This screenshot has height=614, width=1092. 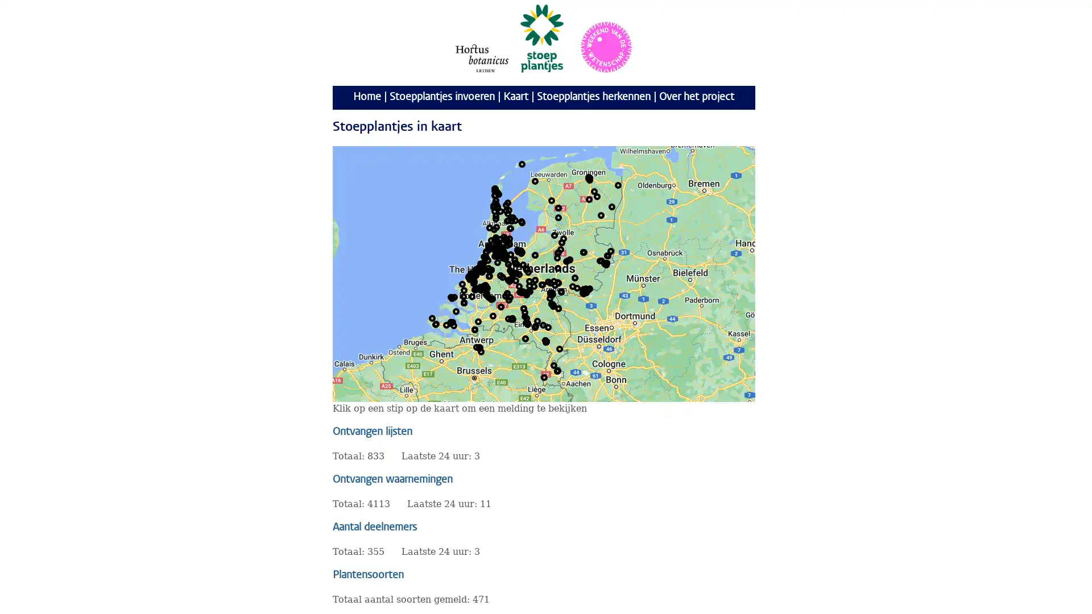 What do you see at coordinates (502, 250) in the screenshot?
I see `Telling van Anne op 14 april 2022` at bounding box center [502, 250].